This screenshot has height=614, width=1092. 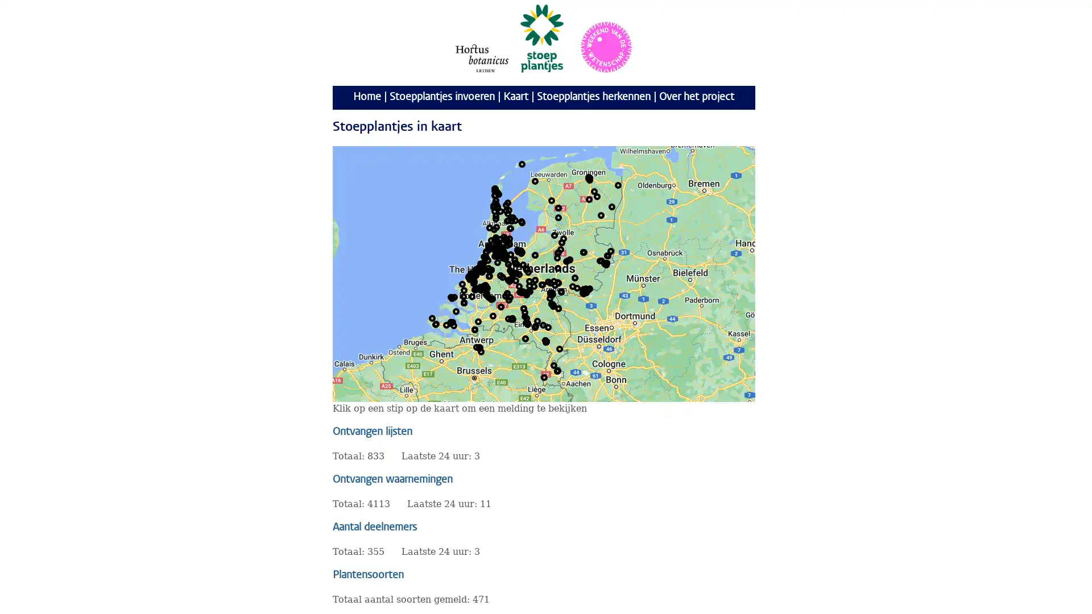 What do you see at coordinates (502, 250) in the screenshot?
I see `Telling van Anne op 14 april 2022` at bounding box center [502, 250].